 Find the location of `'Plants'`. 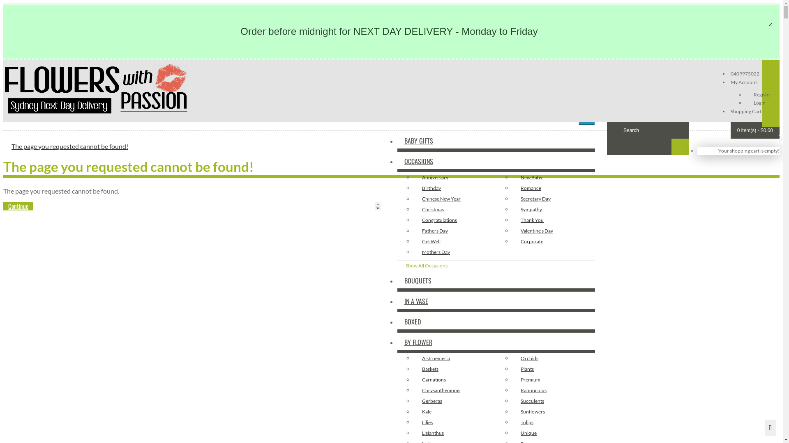

'Plants' is located at coordinates (554, 368).